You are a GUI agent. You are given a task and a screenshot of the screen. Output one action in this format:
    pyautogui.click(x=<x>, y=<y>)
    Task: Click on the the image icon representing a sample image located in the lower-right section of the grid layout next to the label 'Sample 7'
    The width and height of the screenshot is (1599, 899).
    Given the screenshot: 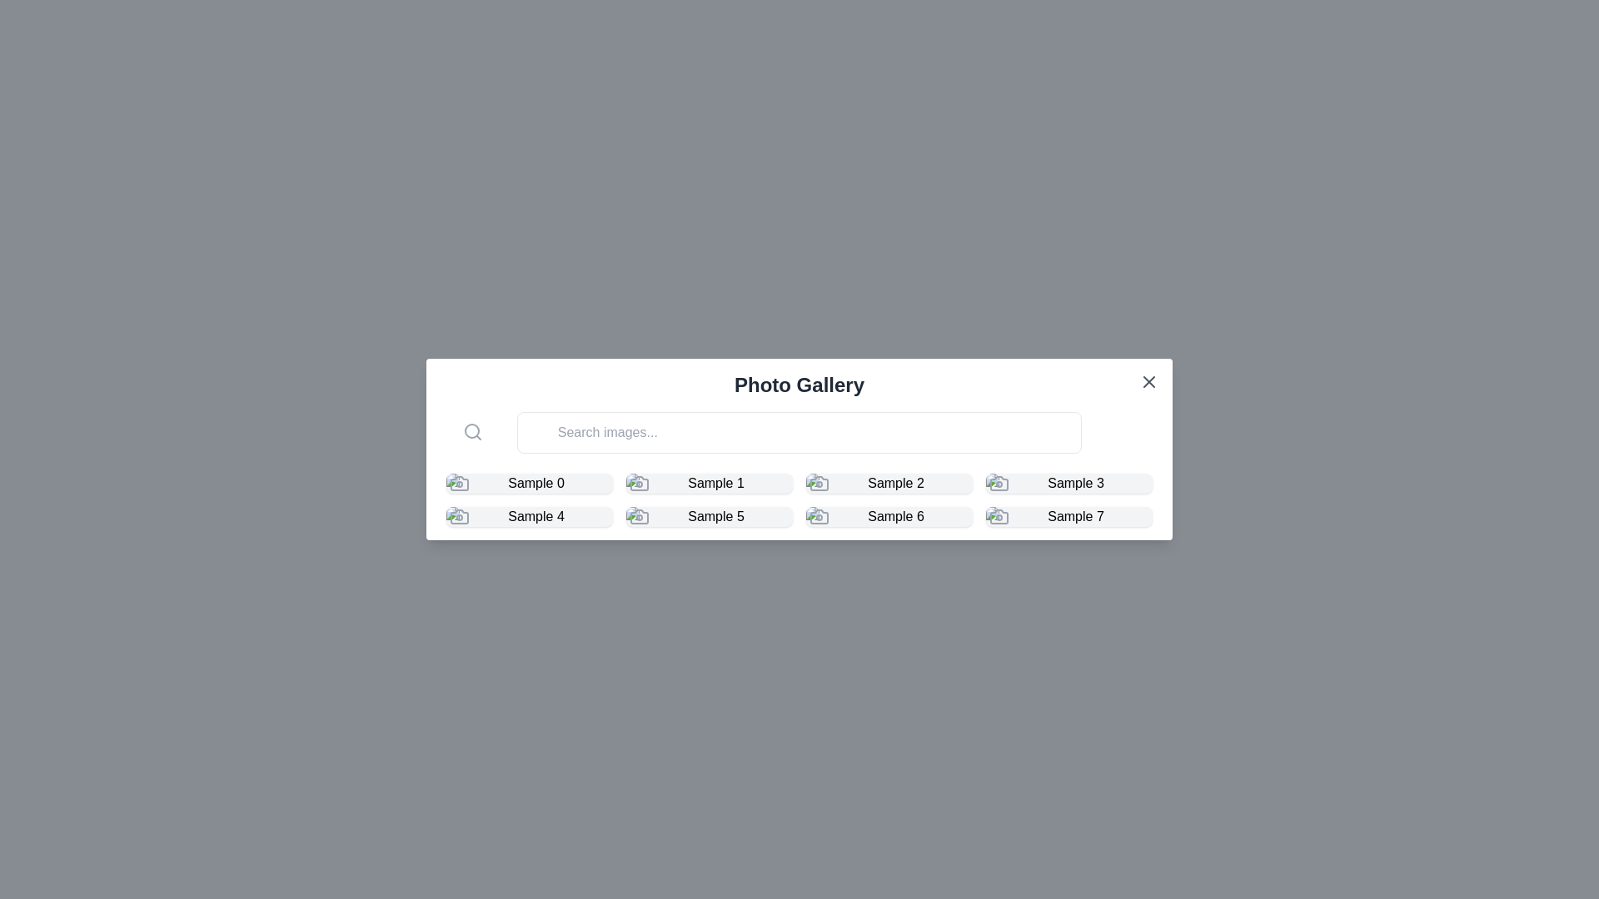 What is the action you would take?
    pyautogui.click(x=999, y=516)
    